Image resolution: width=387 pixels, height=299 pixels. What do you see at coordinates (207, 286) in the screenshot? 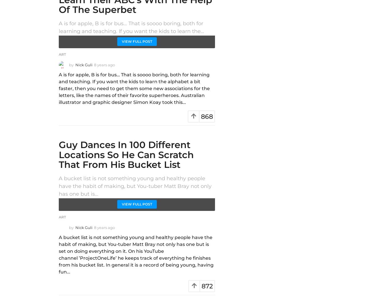
I see `'872'` at bounding box center [207, 286].